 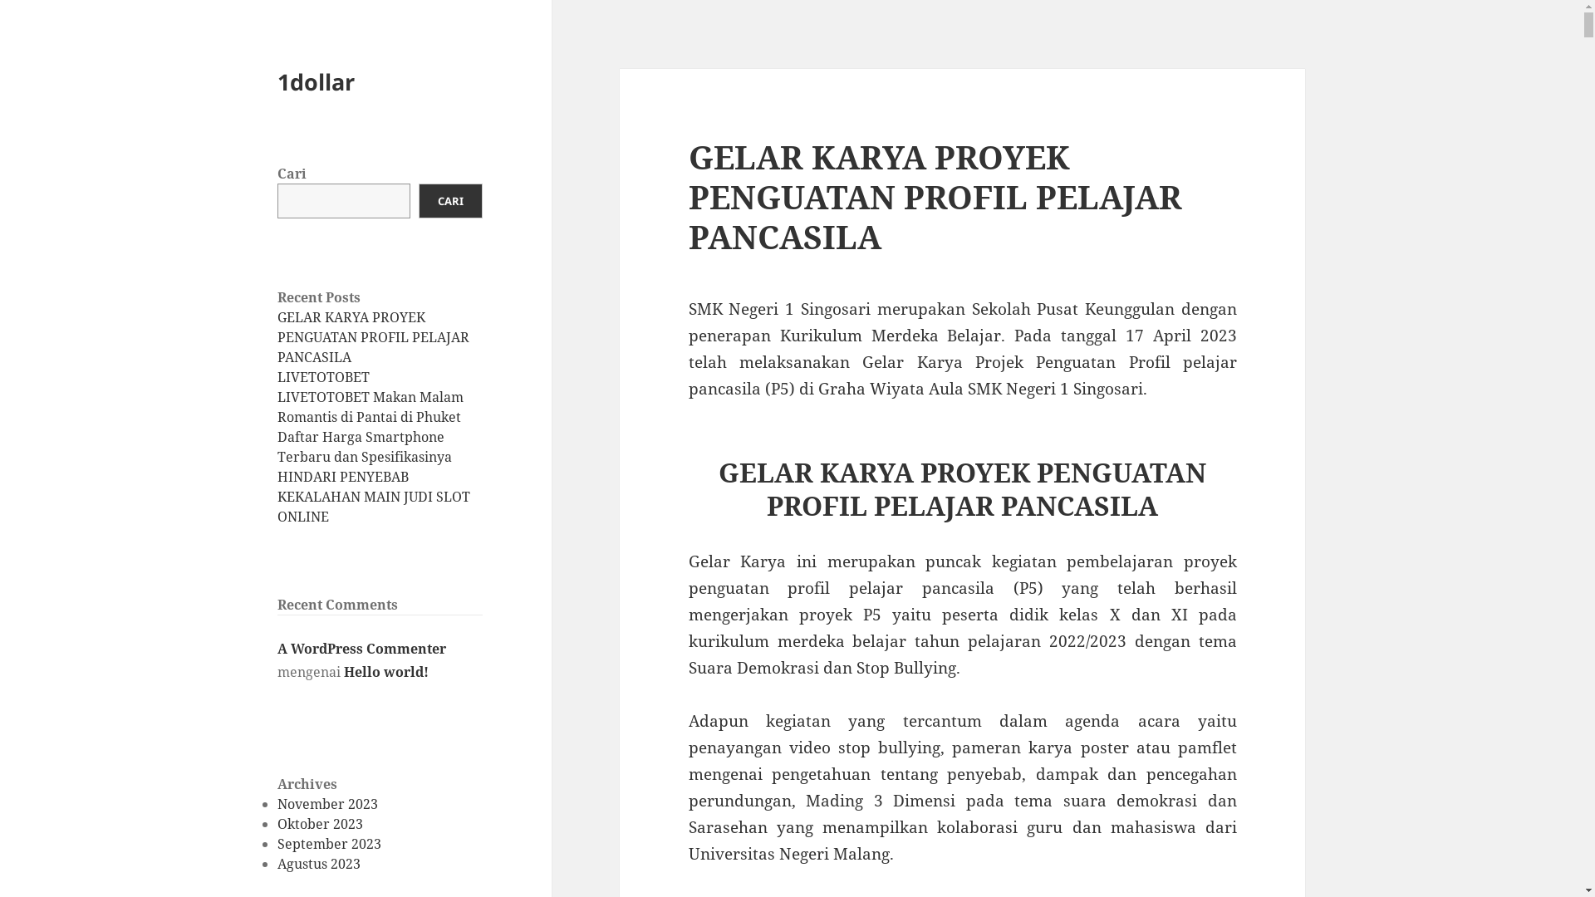 What do you see at coordinates (372, 336) in the screenshot?
I see `'GELAR KARYA PROYEK PENGUATAN PROFIL PELAJAR PANCASILA'` at bounding box center [372, 336].